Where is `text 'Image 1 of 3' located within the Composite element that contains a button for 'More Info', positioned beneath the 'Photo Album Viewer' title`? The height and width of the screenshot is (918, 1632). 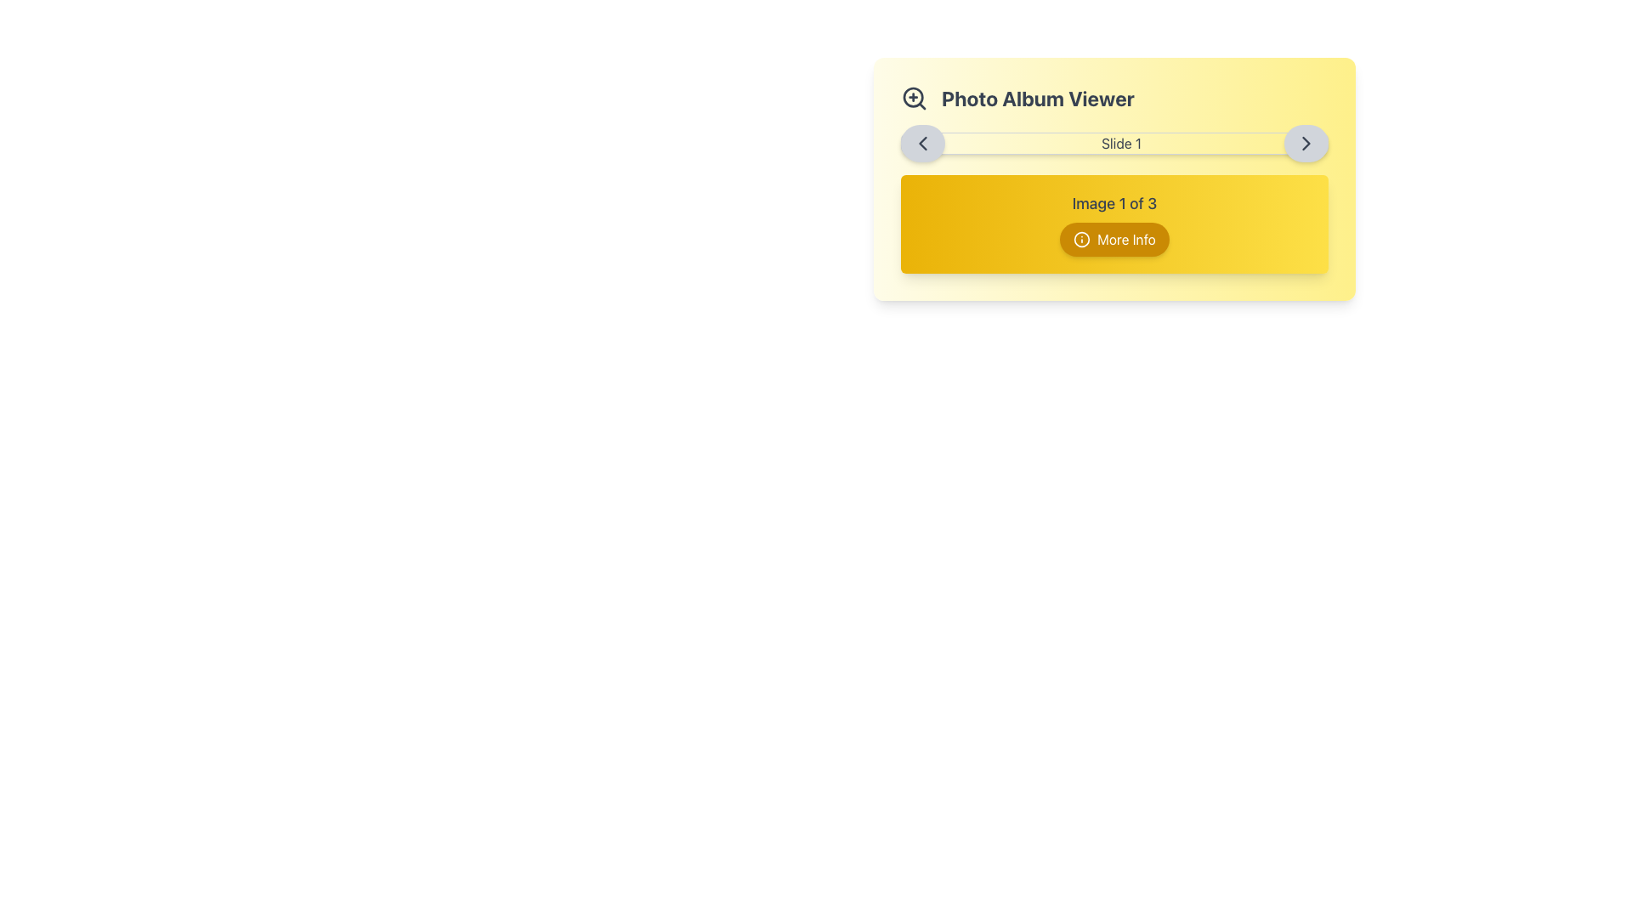
text 'Image 1 of 3' located within the Composite element that contains a button for 'More Info', positioned beneath the 'Photo Album Viewer' title is located at coordinates (1114, 223).